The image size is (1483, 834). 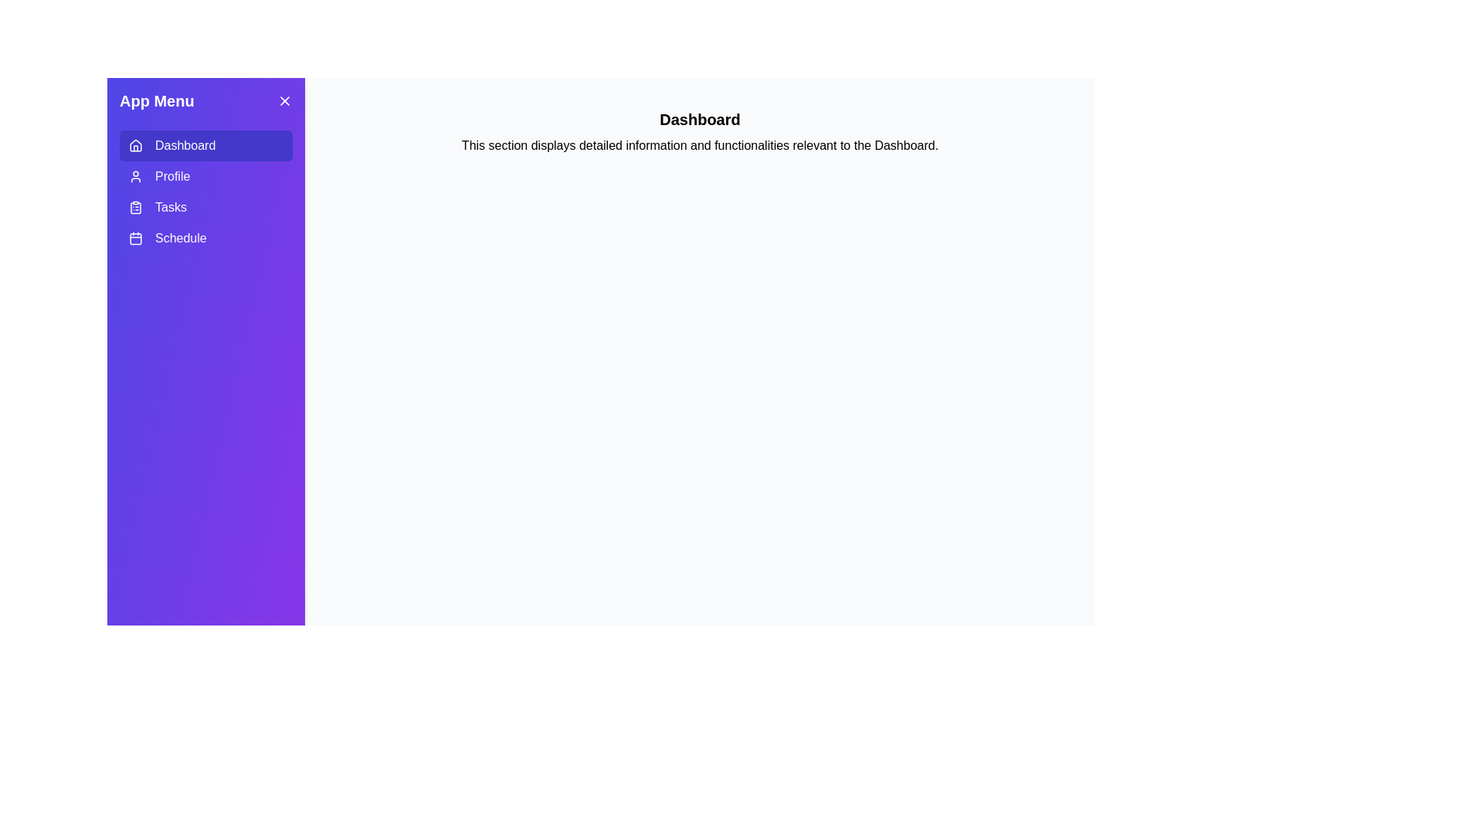 What do you see at coordinates (699, 118) in the screenshot?
I see `the title text to inspect it` at bounding box center [699, 118].